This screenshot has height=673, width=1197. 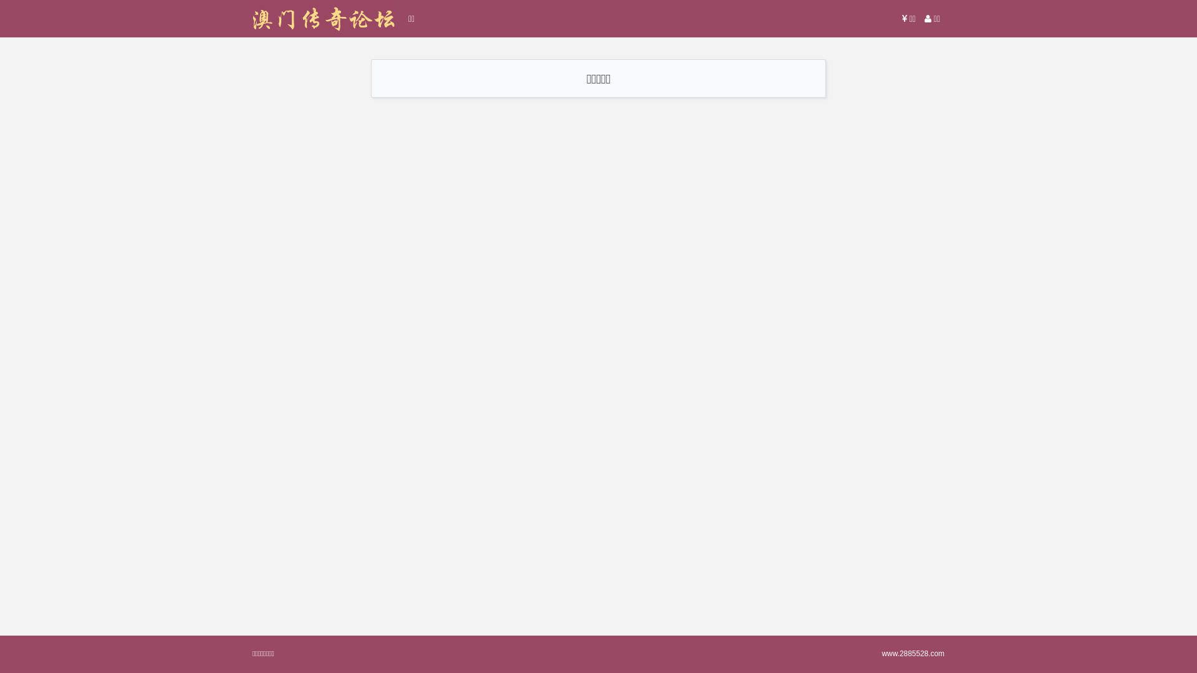 I want to click on 'www.2885528.com', so click(x=913, y=653).